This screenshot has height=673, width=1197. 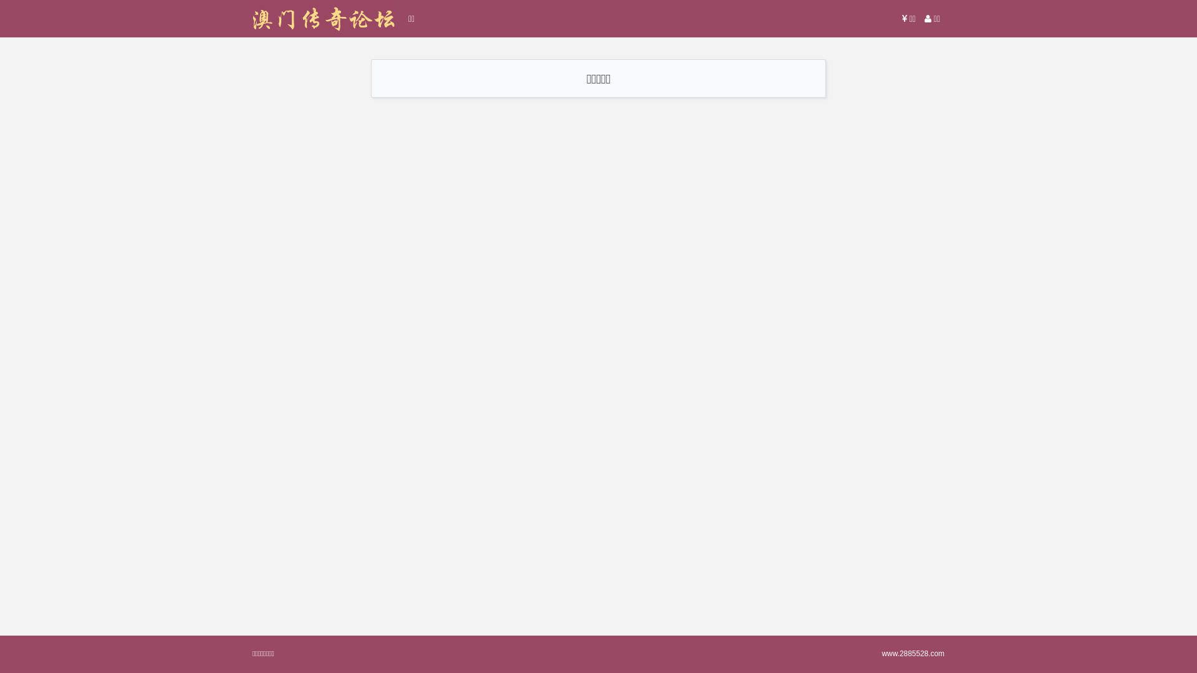 I want to click on 'www.2885528.com', so click(x=913, y=653).